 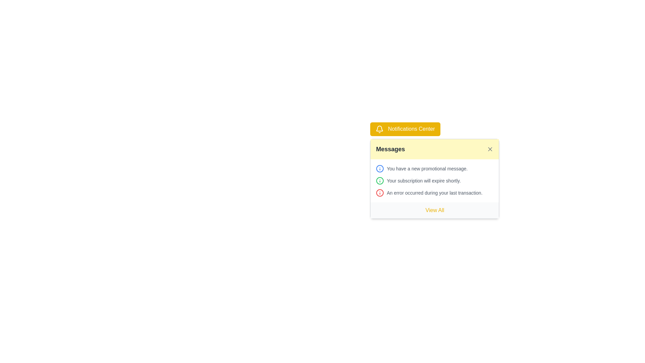 What do you see at coordinates (435, 168) in the screenshot?
I see `notification text of the first notification in the Notifications Center, which contains the message 'You have a new promotional message.'` at bounding box center [435, 168].